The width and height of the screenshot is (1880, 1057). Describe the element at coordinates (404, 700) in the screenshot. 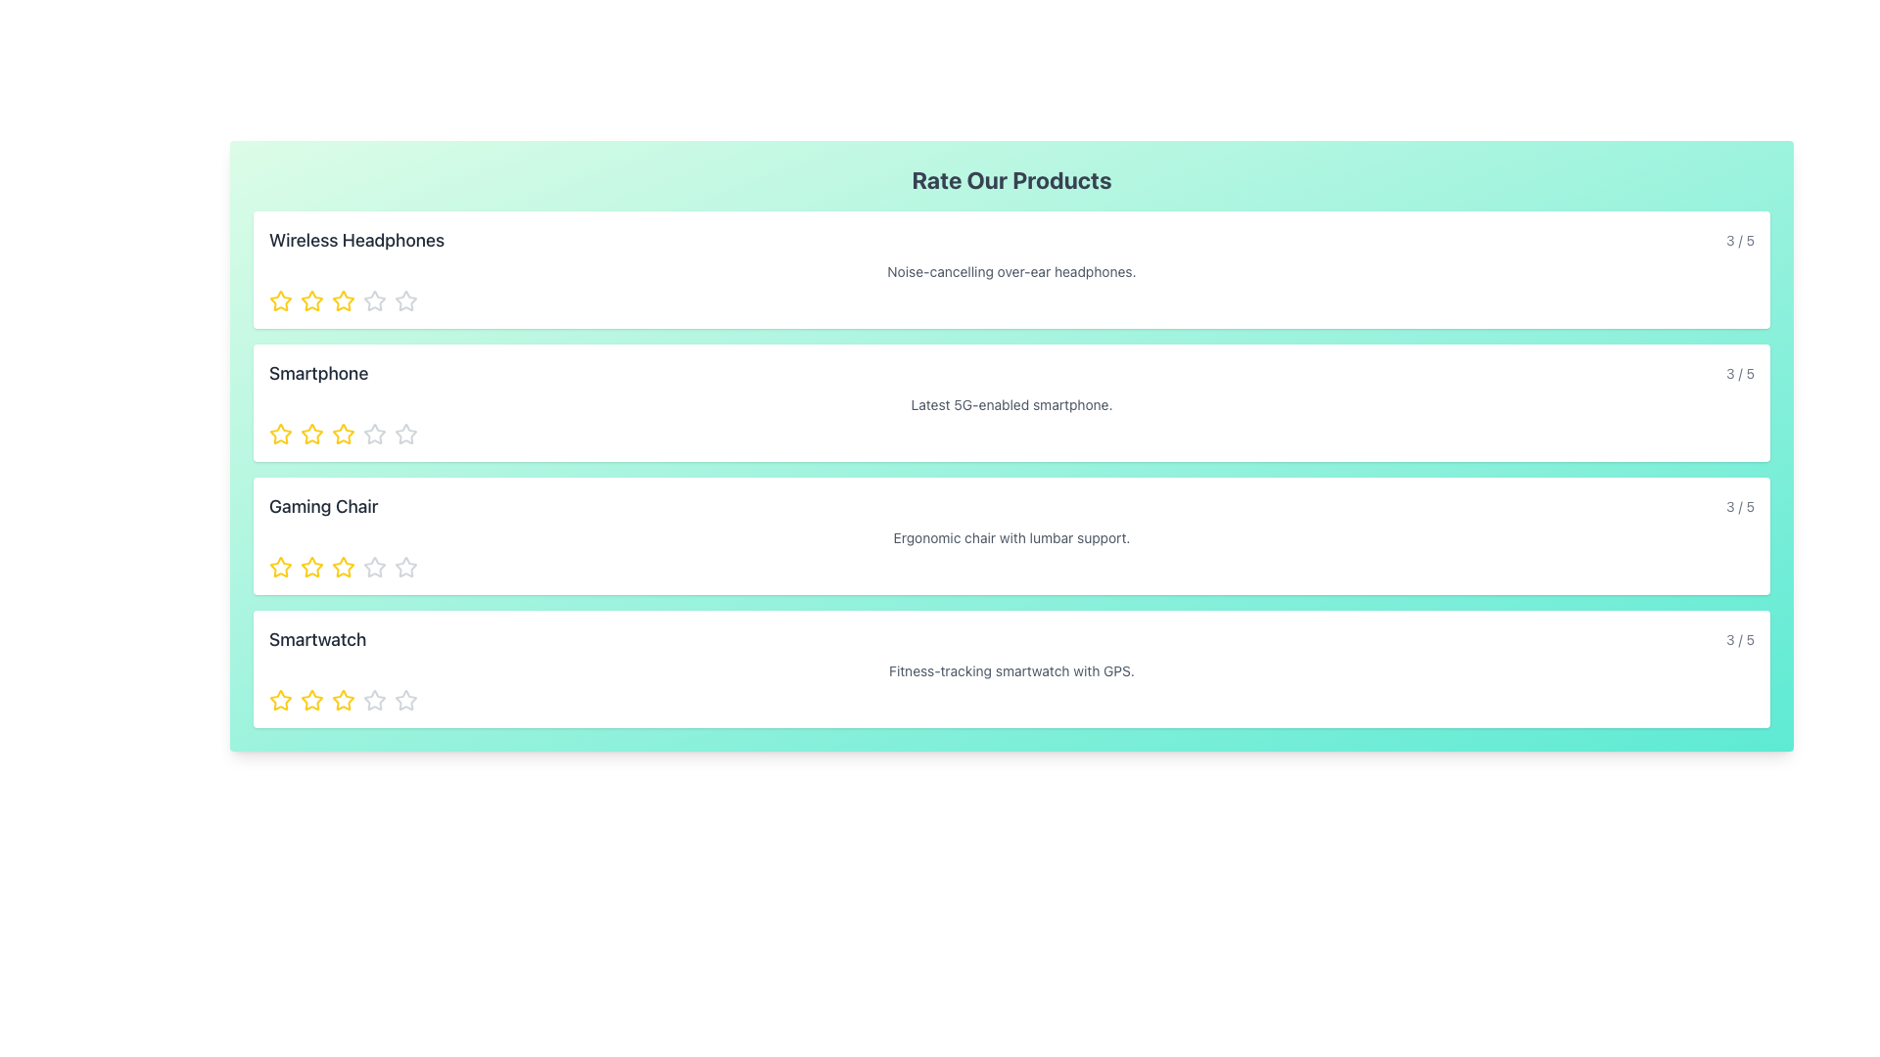

I see `the fifth star icon, which is light gray and represents an unselected rating for the 'Smartwatch' item, to rate it` at that location.